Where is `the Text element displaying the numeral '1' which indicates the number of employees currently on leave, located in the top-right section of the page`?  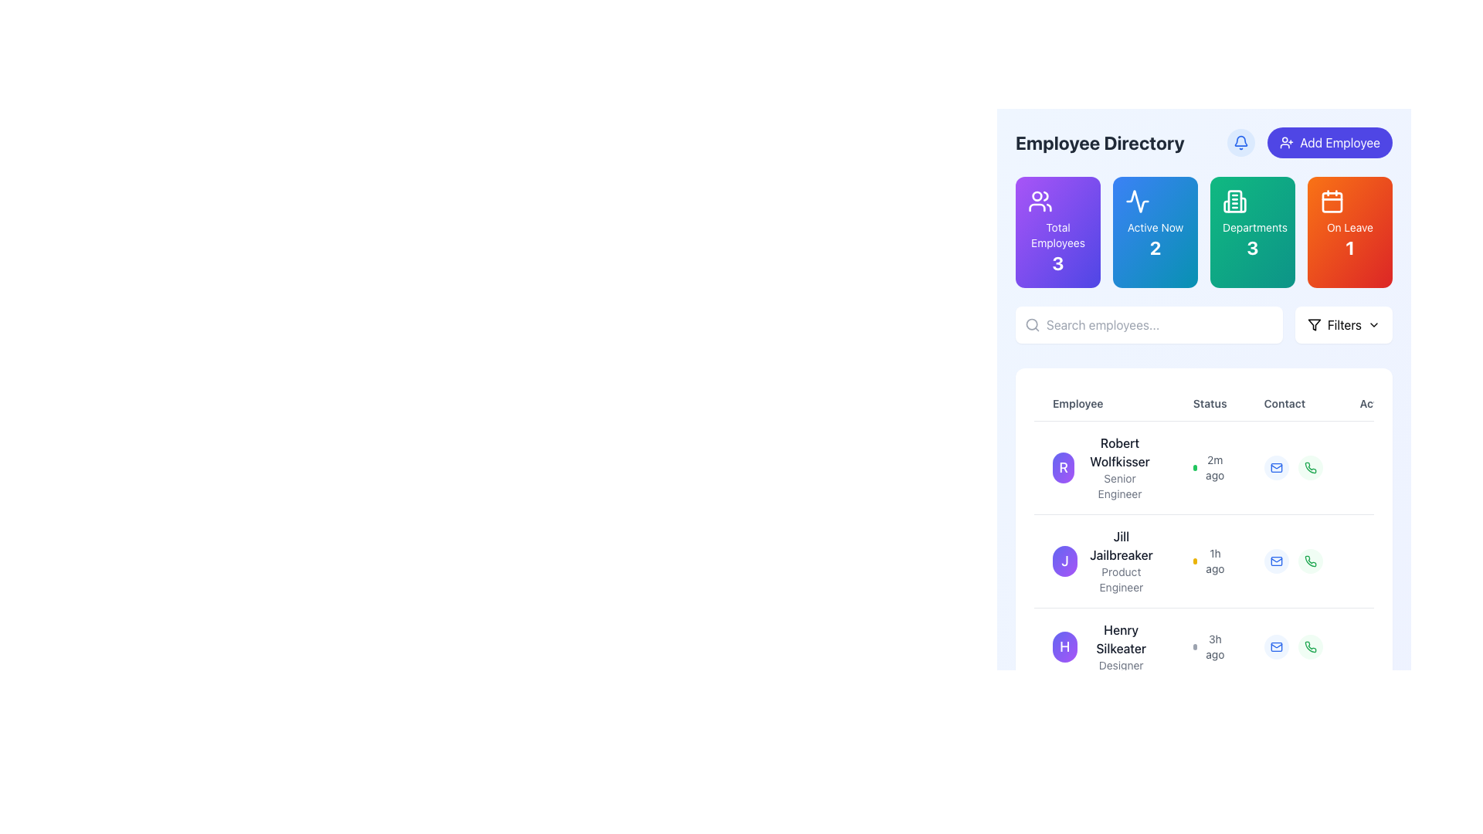 the Text element displaying the numeral '1' which indicates the number of employees currently on leave, located in the top-right section of the page is located at coordinates (1349, 246).